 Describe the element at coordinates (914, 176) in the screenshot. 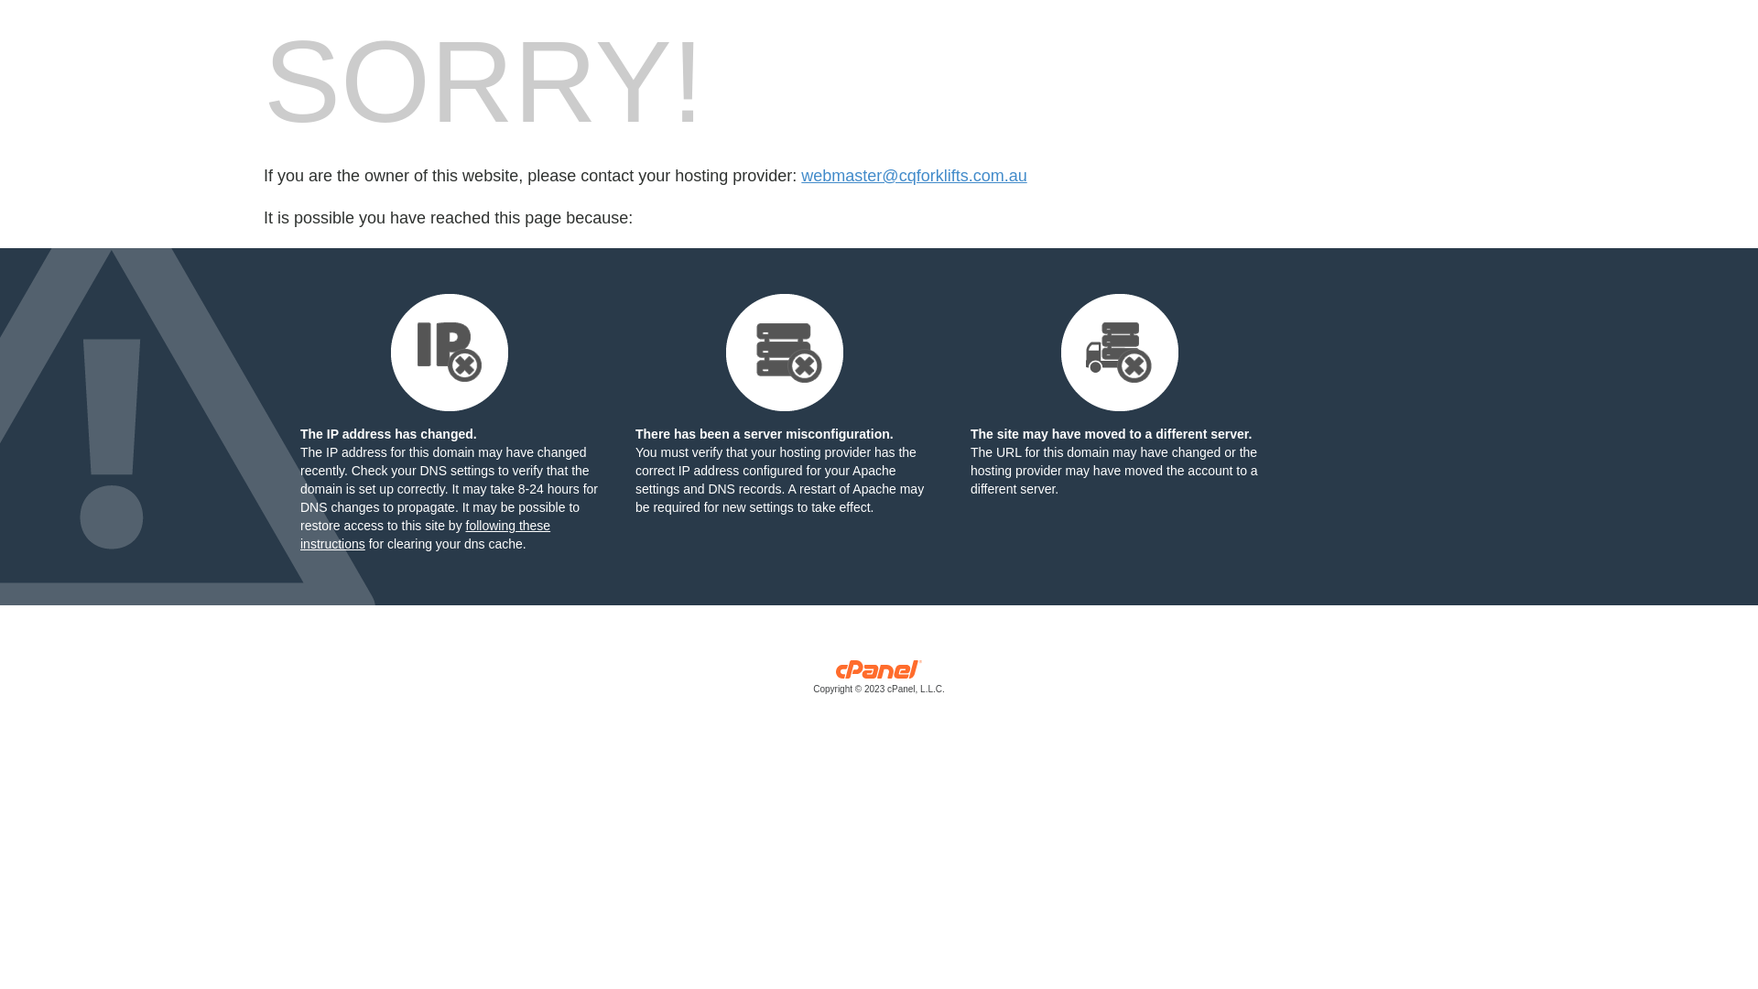

I see `'webmaster@cqforklifts.com.au'` at that location.